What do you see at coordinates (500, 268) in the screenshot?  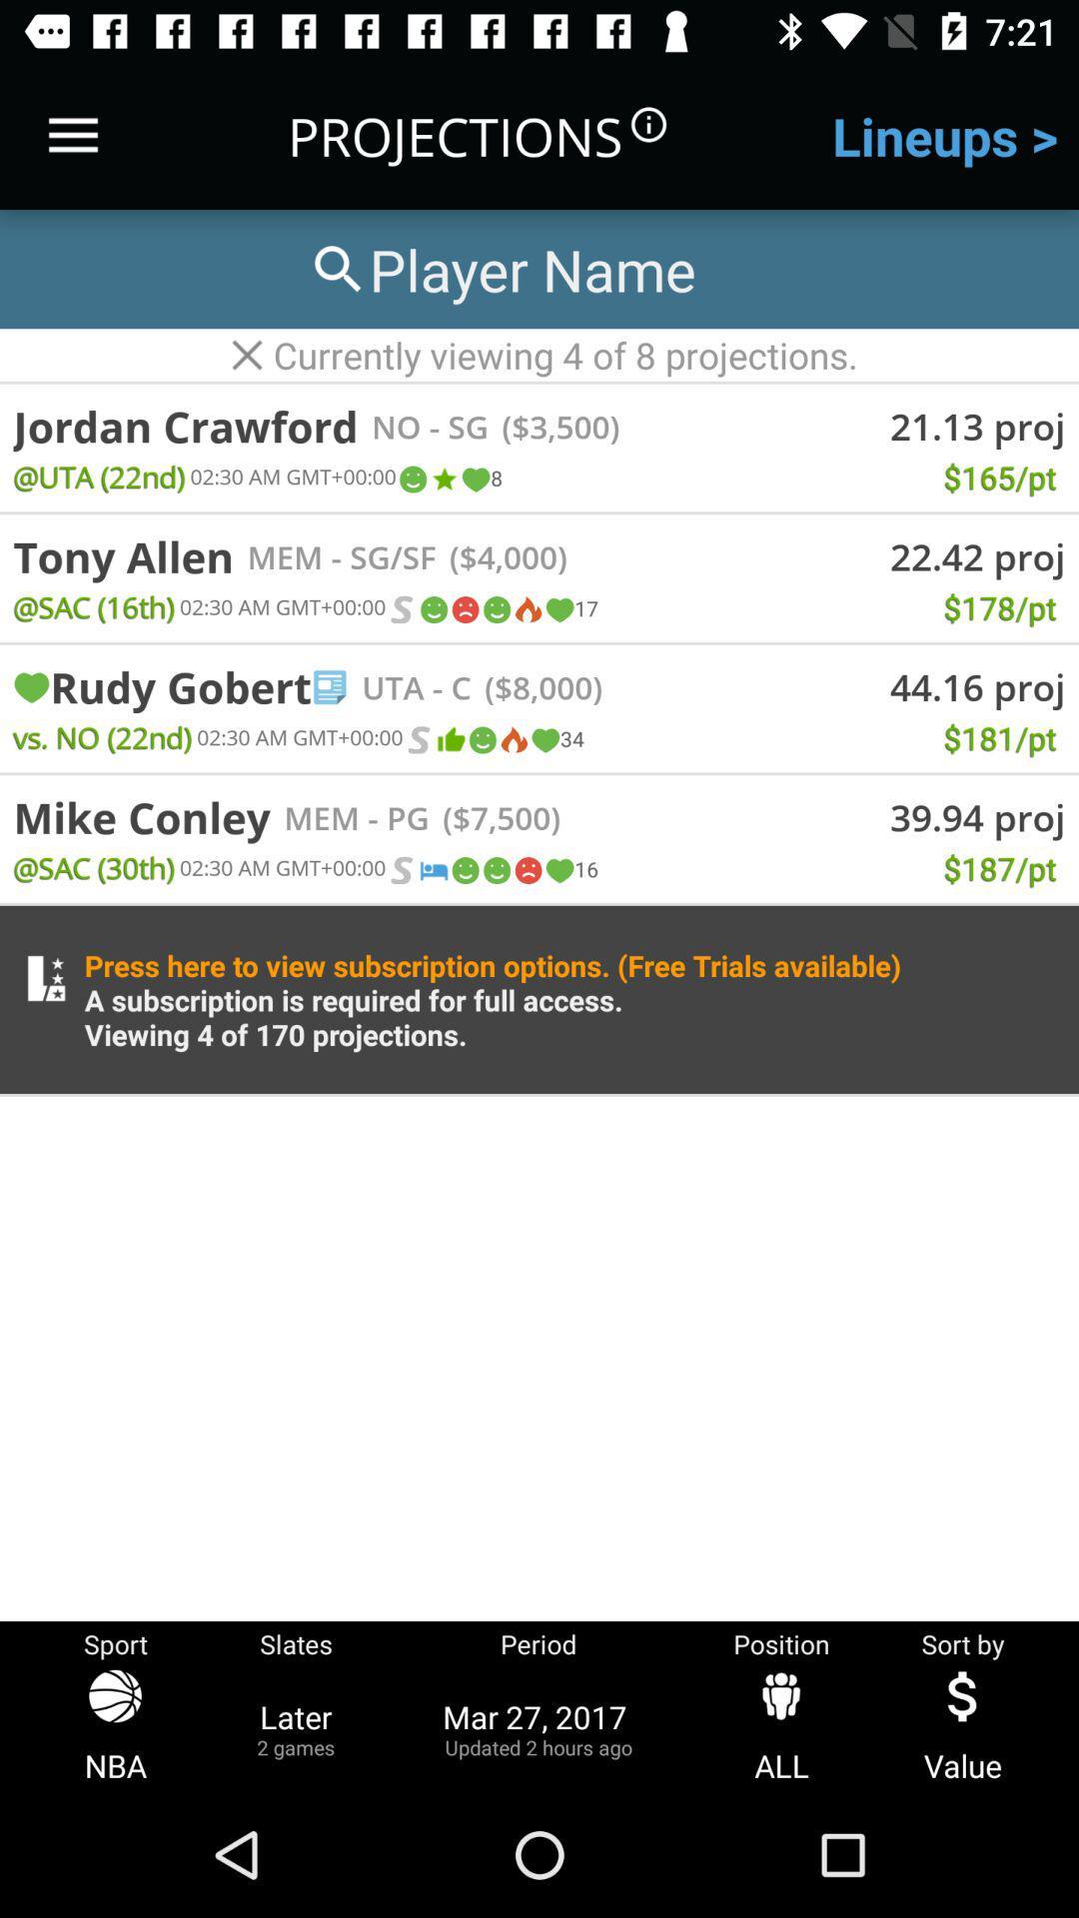 I see `search players` at bounding box center [500, 268].